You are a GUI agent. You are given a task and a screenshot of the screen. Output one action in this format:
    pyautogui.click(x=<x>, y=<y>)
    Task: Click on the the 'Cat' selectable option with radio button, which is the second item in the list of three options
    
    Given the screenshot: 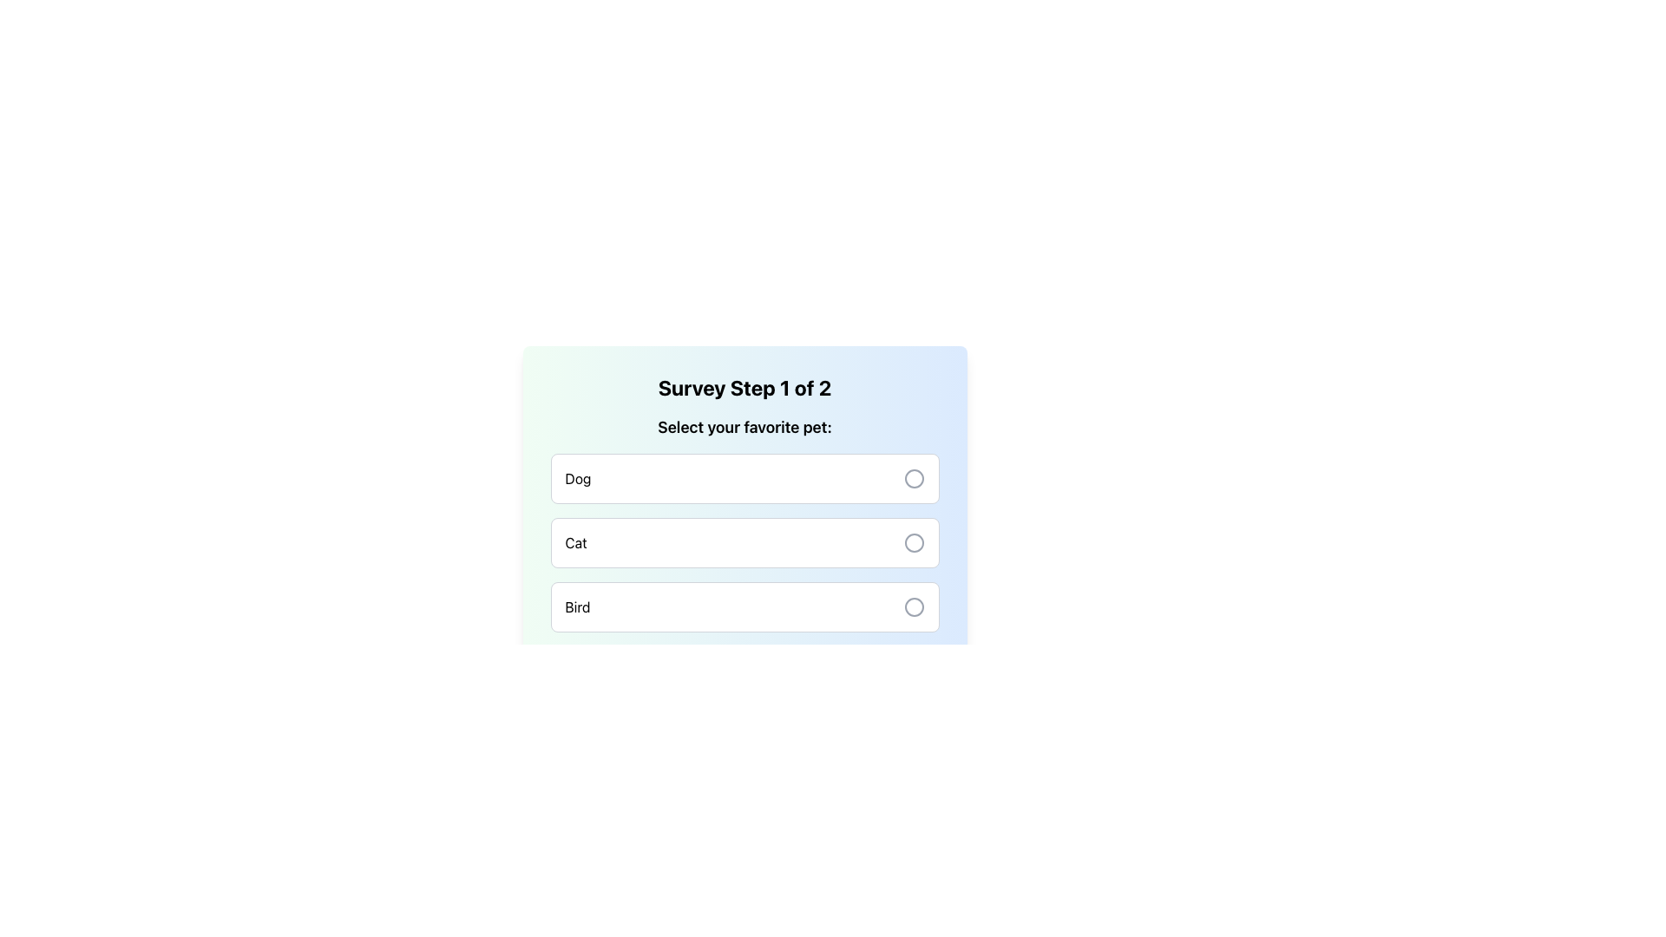 What is the action you would take?
    pyautogui.click(x=744, y=541)
    